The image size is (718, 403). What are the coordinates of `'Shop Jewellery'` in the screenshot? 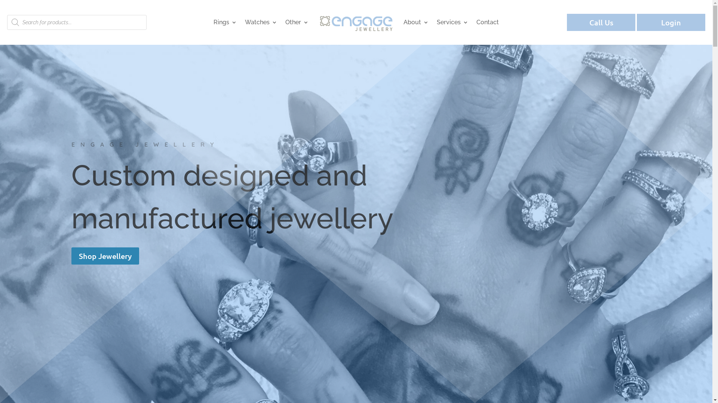 It's located at (104, 256).